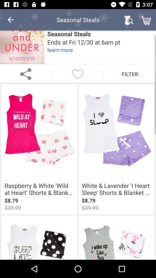  Describe the element at coordinates (147, 20) in the screenshot. I see `the icon above seasonal steals item` at that location.